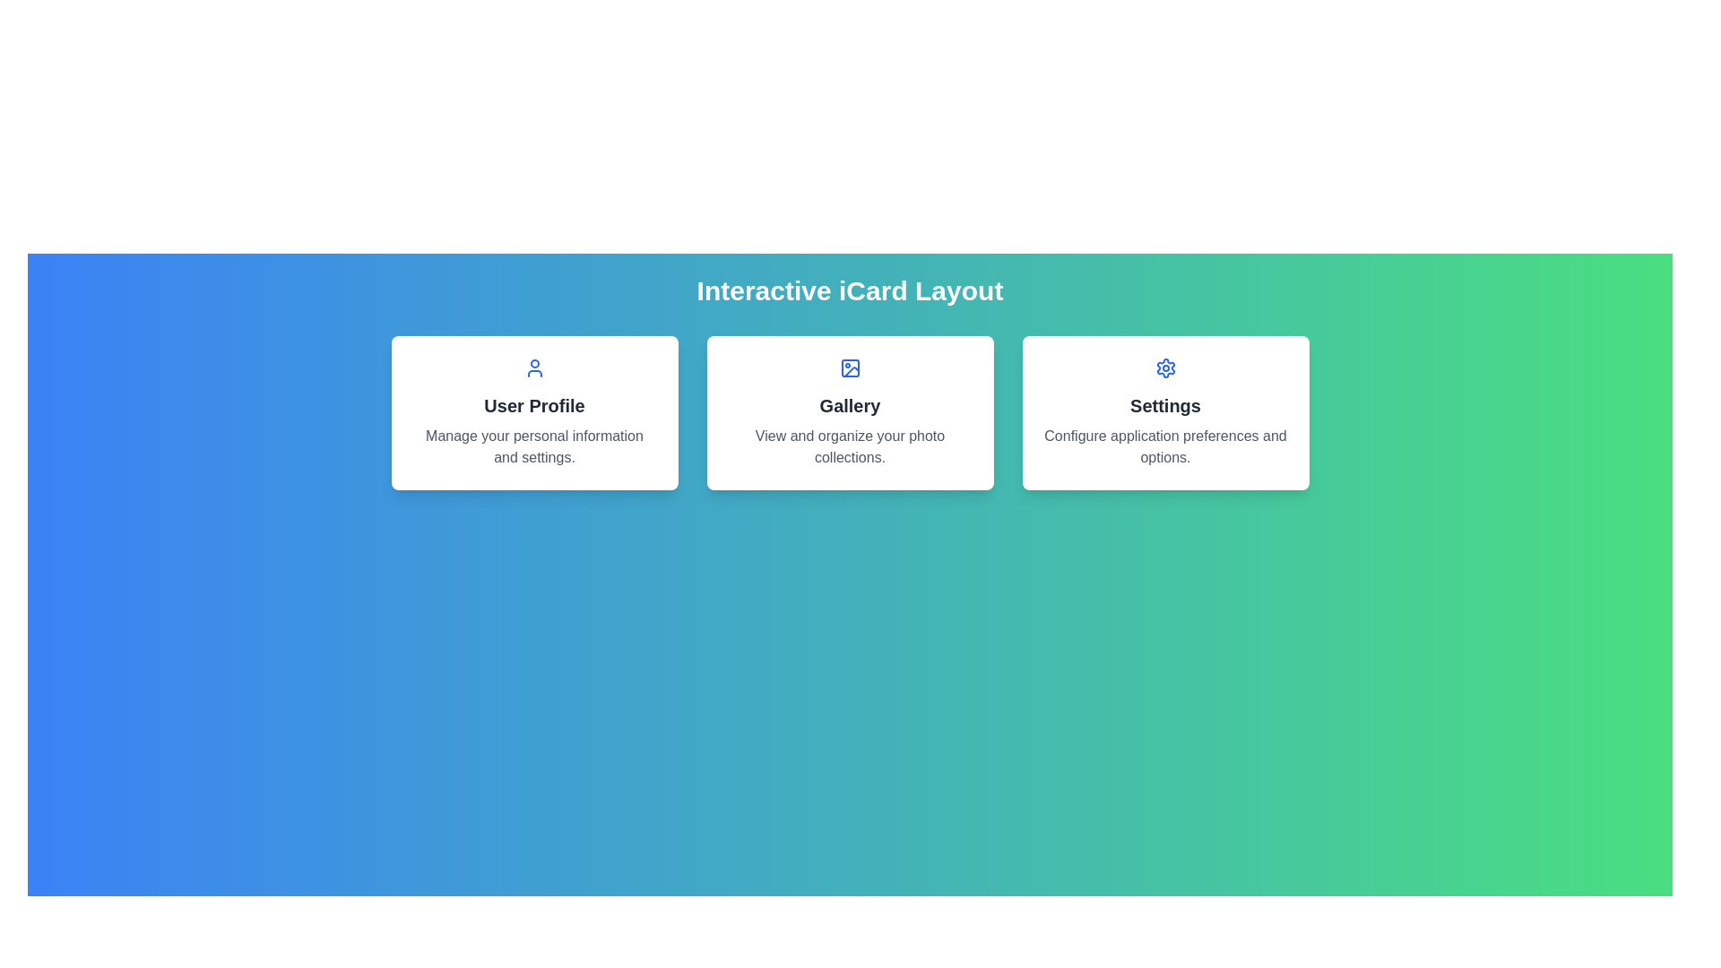  I want to click on the gear icon, which is styled with a blue outline and represents settings, located in the center of the settings card labeled 'Settings', so click(1165, 367).